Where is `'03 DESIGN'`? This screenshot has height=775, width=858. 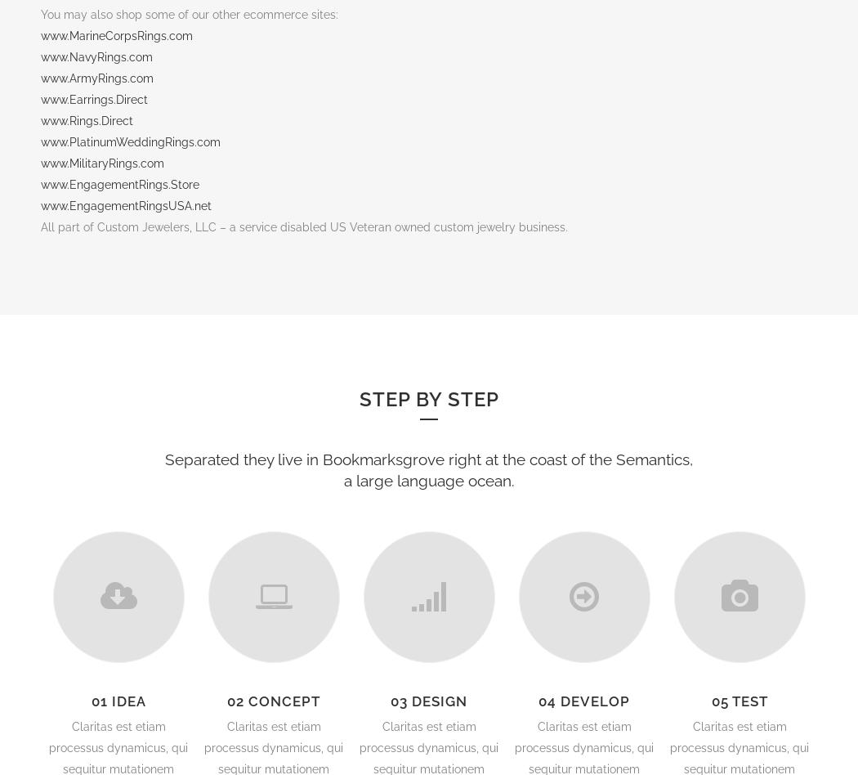
'03 DESIGN' is located at coordinates (429, 701).